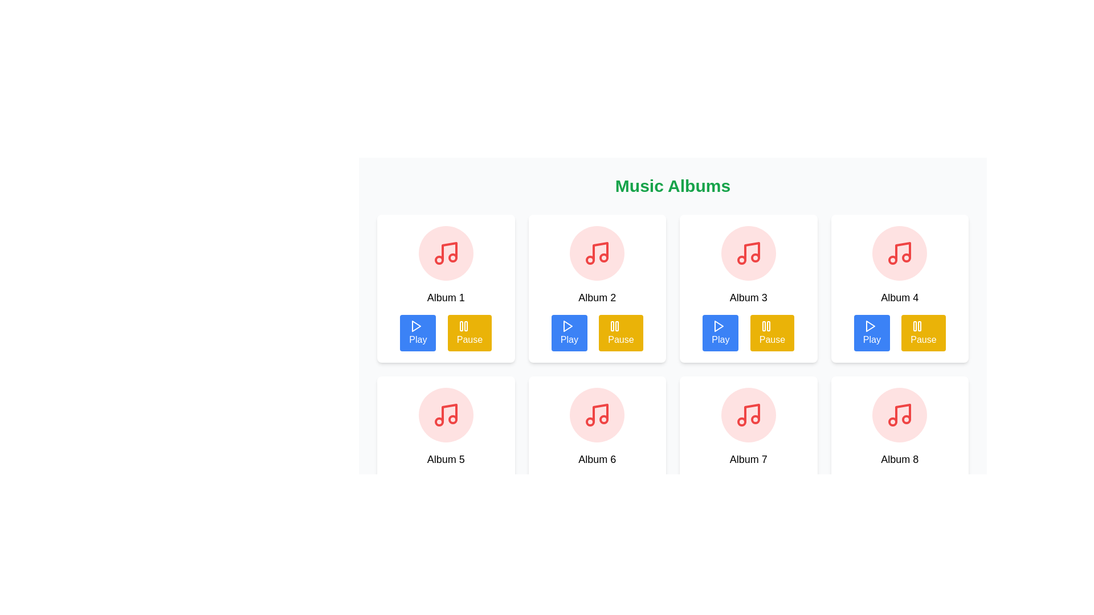 The image size is (1094, 615). Describe the element at coordinates (871, 333) in the screenshot. I see `the play button located in the bottom-right corner of the 'Album 4' card to initiate playback of the album` at that location.